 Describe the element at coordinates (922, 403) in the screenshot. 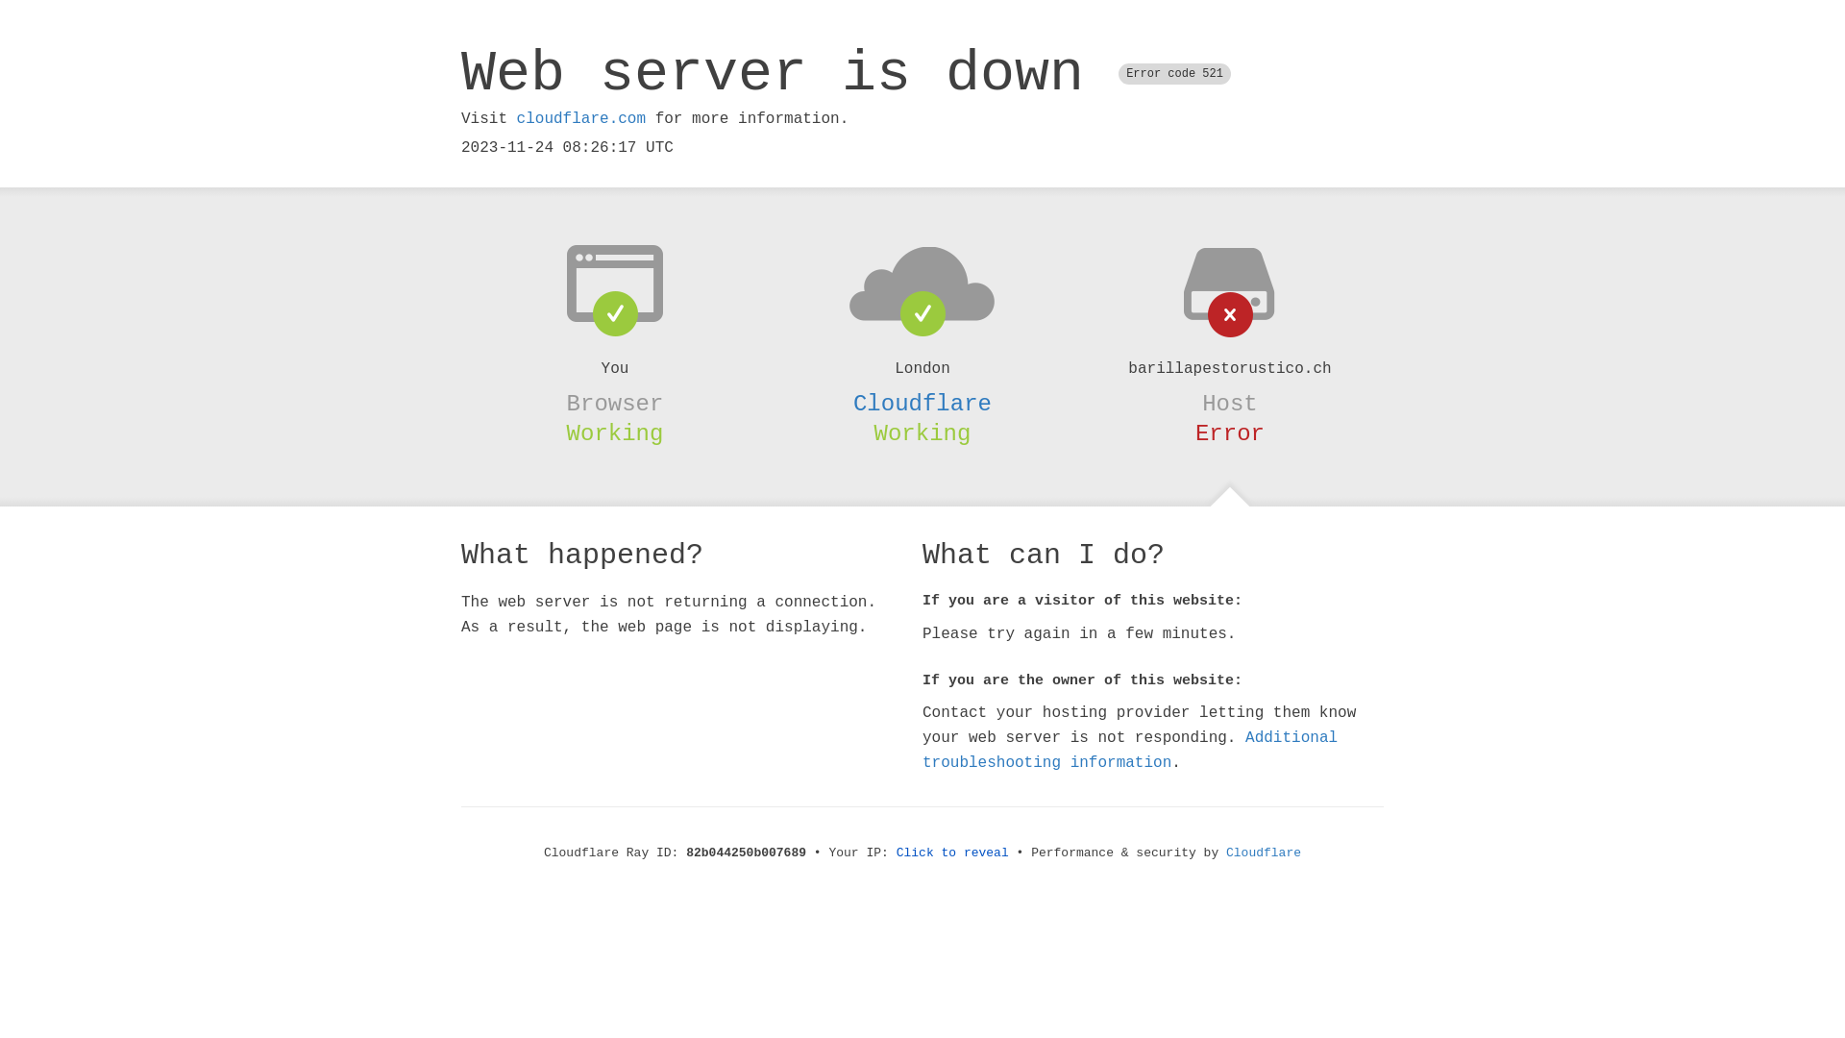

I see `'Cloudflare'` at that location.